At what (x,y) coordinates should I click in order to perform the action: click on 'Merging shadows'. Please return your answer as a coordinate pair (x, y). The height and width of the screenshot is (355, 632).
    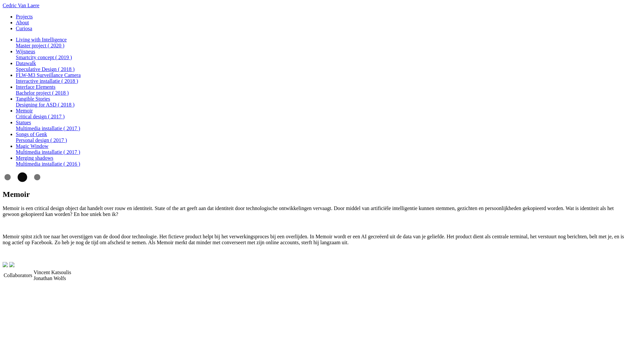
    Looking at the image, I should click on (34, 158).